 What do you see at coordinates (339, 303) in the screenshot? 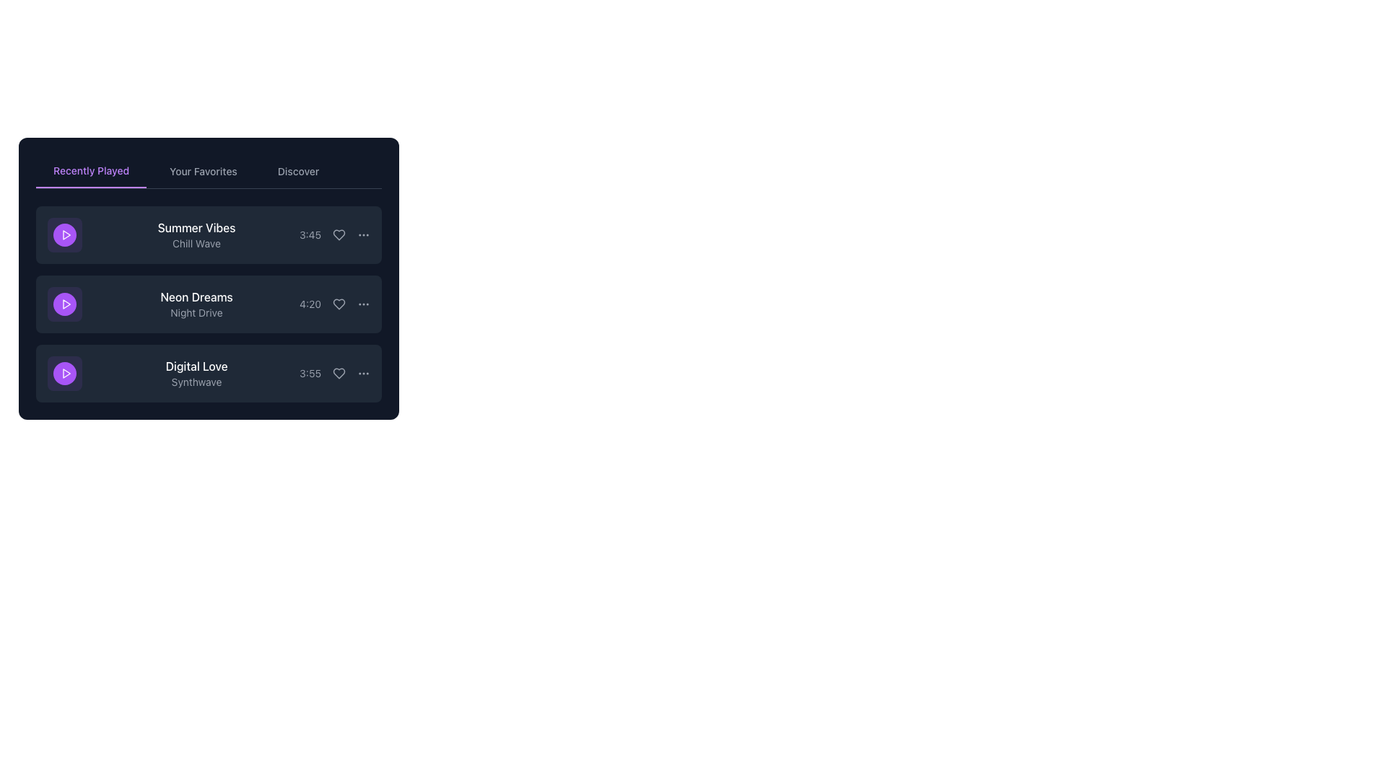
I see `the favorite toggle icon button located to the far right of the timestamp ('4:20') in the second row of the media list` at bounding box center [339, 303].